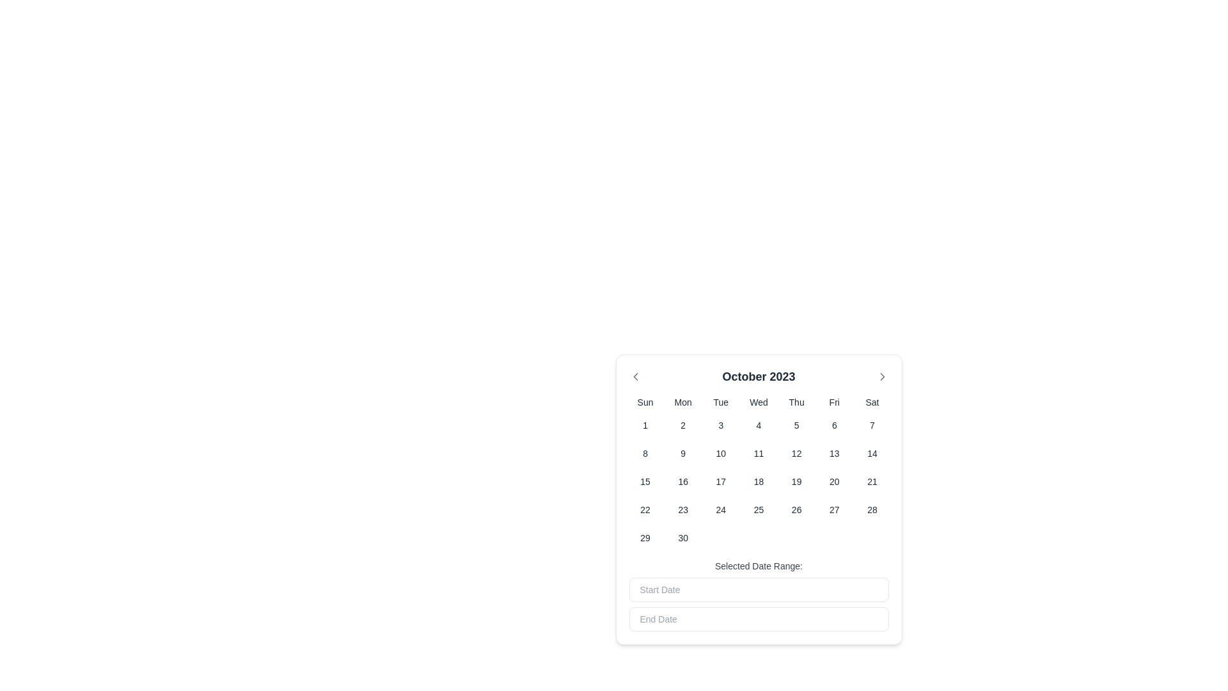  Describe the element at coordinates (759, 376) in the screenshot. I see `the bold text label reading 'October 2023' located at the top-center of the calendar interface` at that location.